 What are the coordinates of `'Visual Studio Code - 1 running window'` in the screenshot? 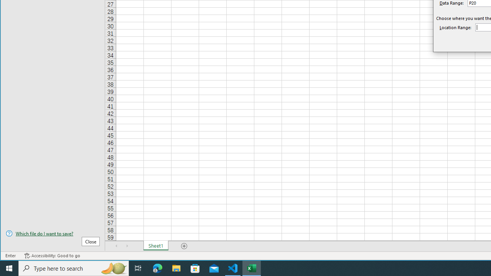 It's located at (232, 268).